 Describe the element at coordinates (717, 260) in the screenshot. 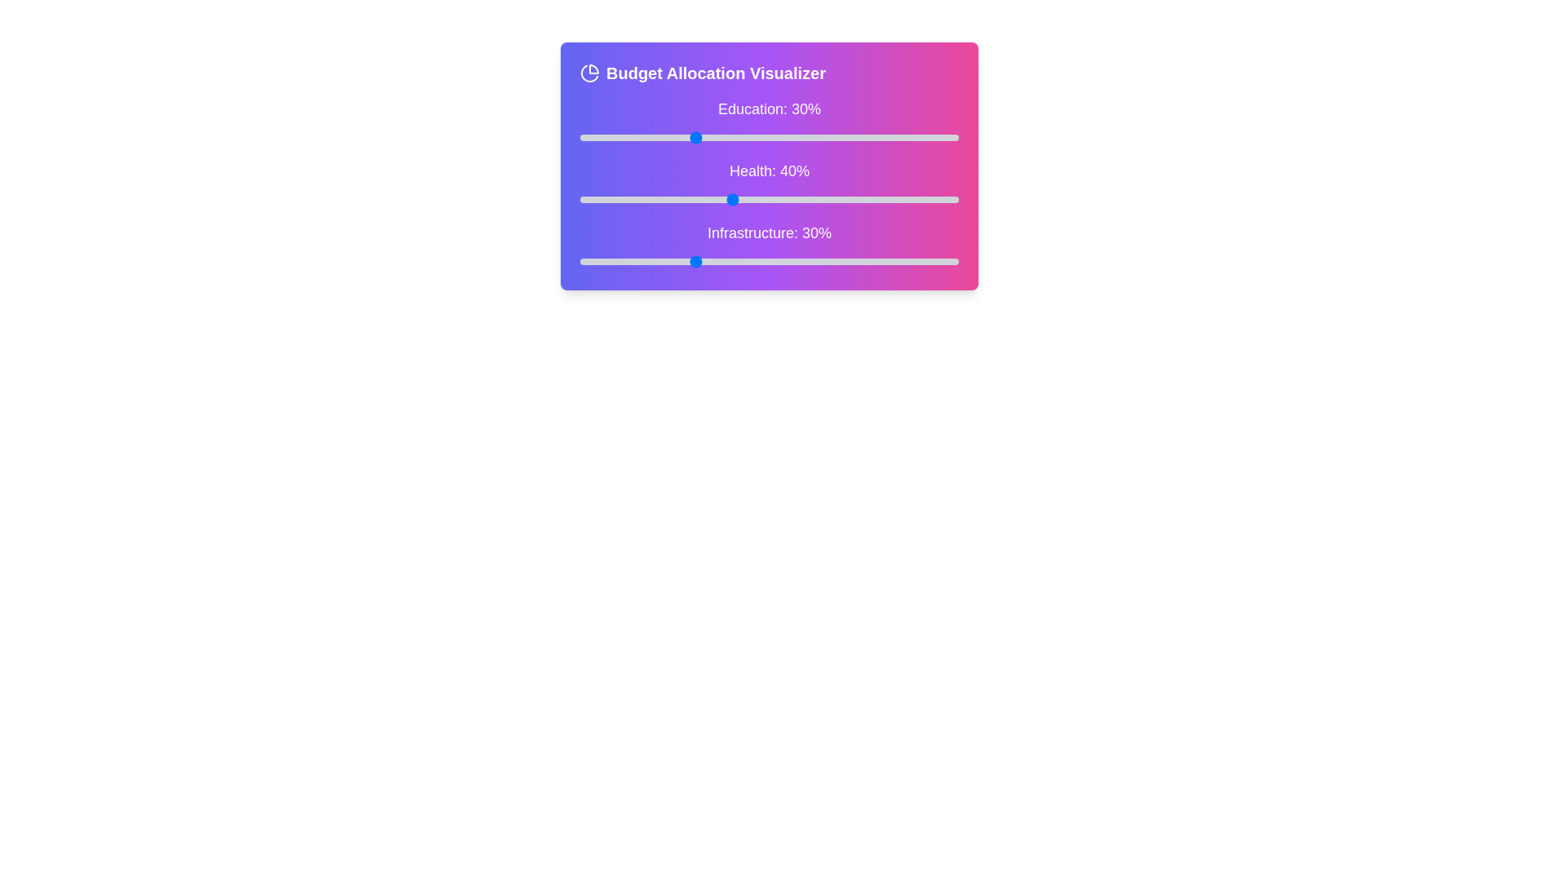

I see `'Infrastructure' percentage` at that location.